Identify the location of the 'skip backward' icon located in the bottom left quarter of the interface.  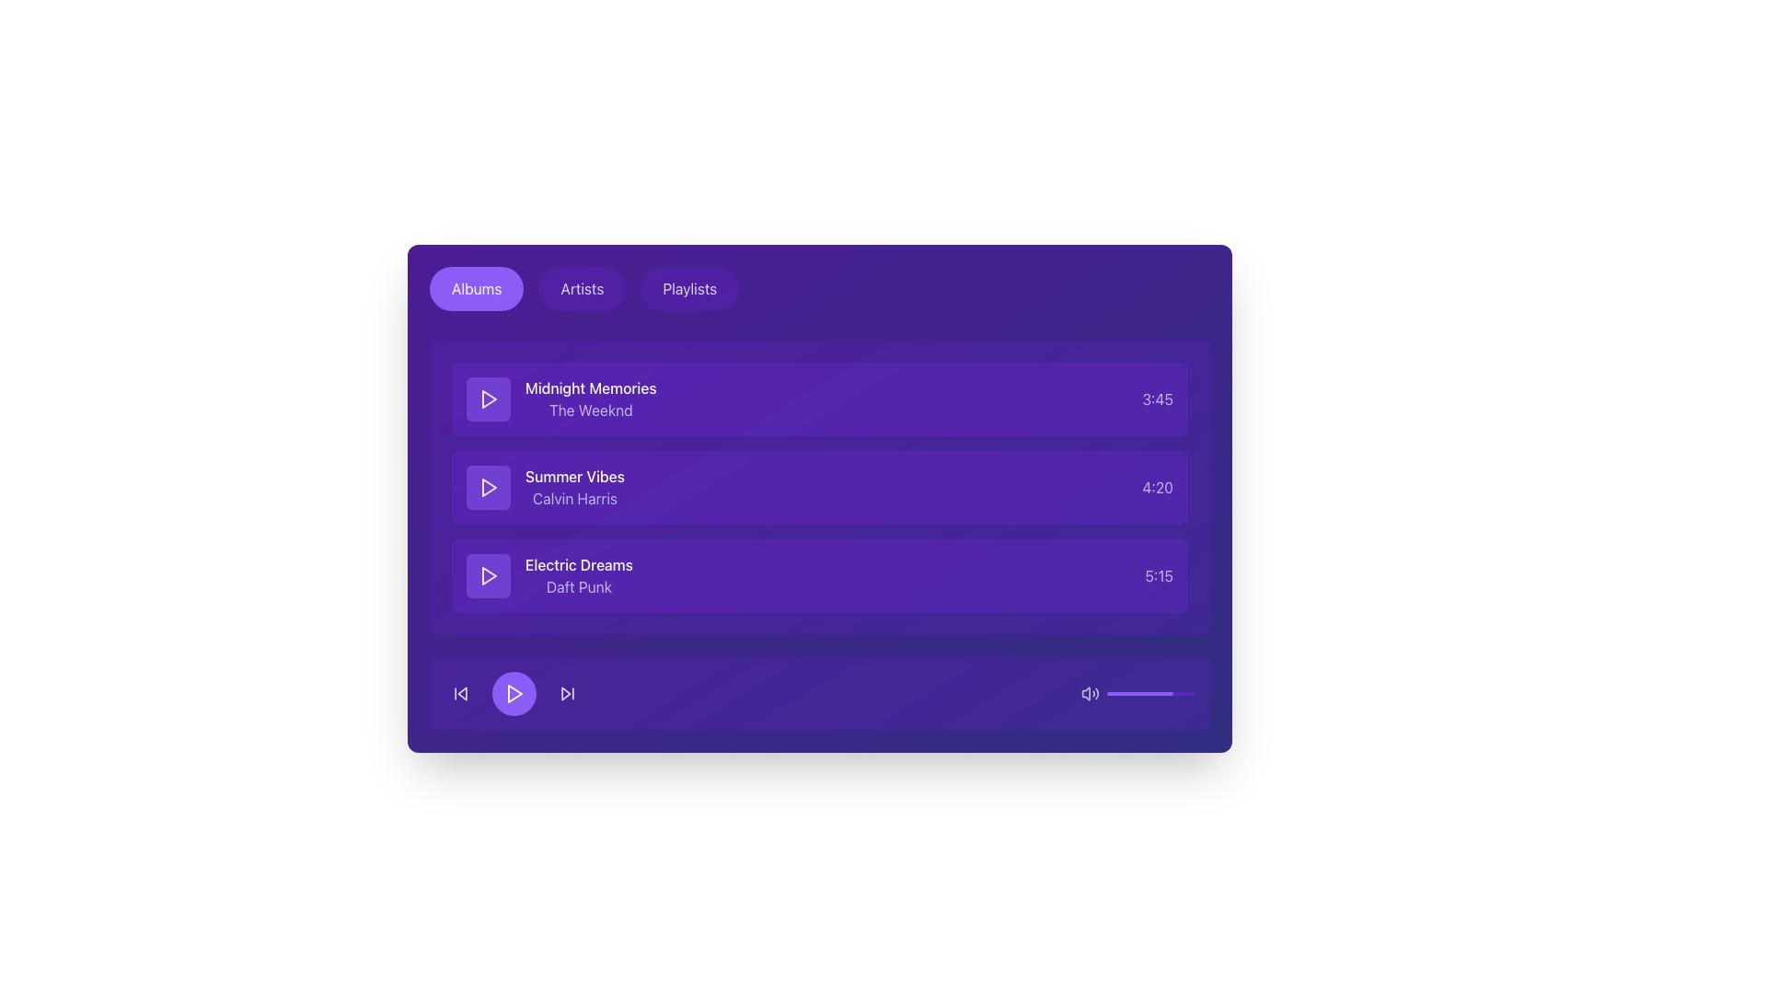
(462, 693).